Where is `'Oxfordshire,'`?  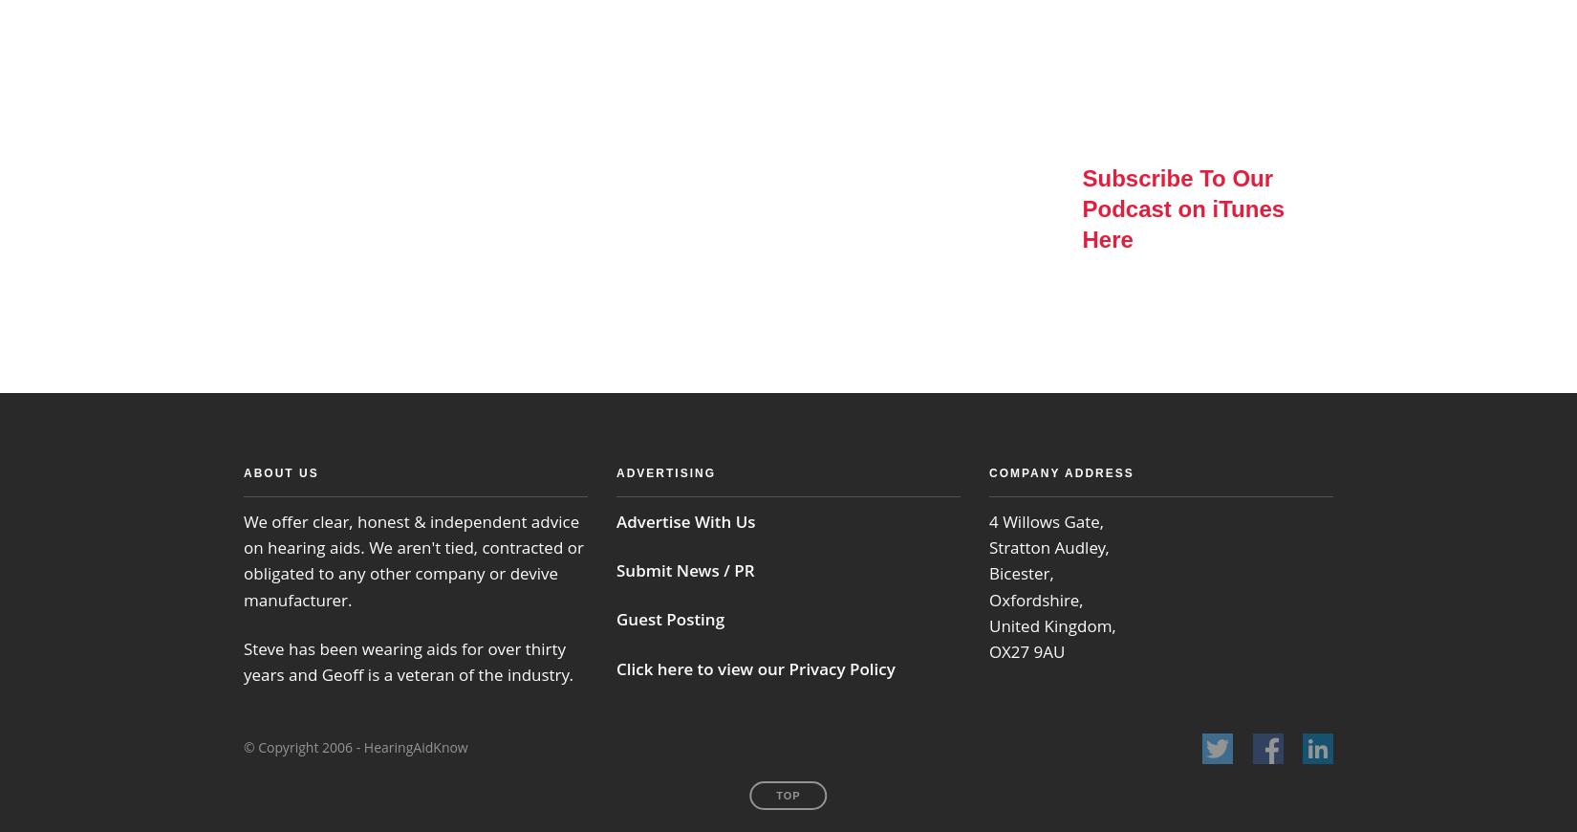 'Oxfordshire,' is located at coordinates (1036, 598).